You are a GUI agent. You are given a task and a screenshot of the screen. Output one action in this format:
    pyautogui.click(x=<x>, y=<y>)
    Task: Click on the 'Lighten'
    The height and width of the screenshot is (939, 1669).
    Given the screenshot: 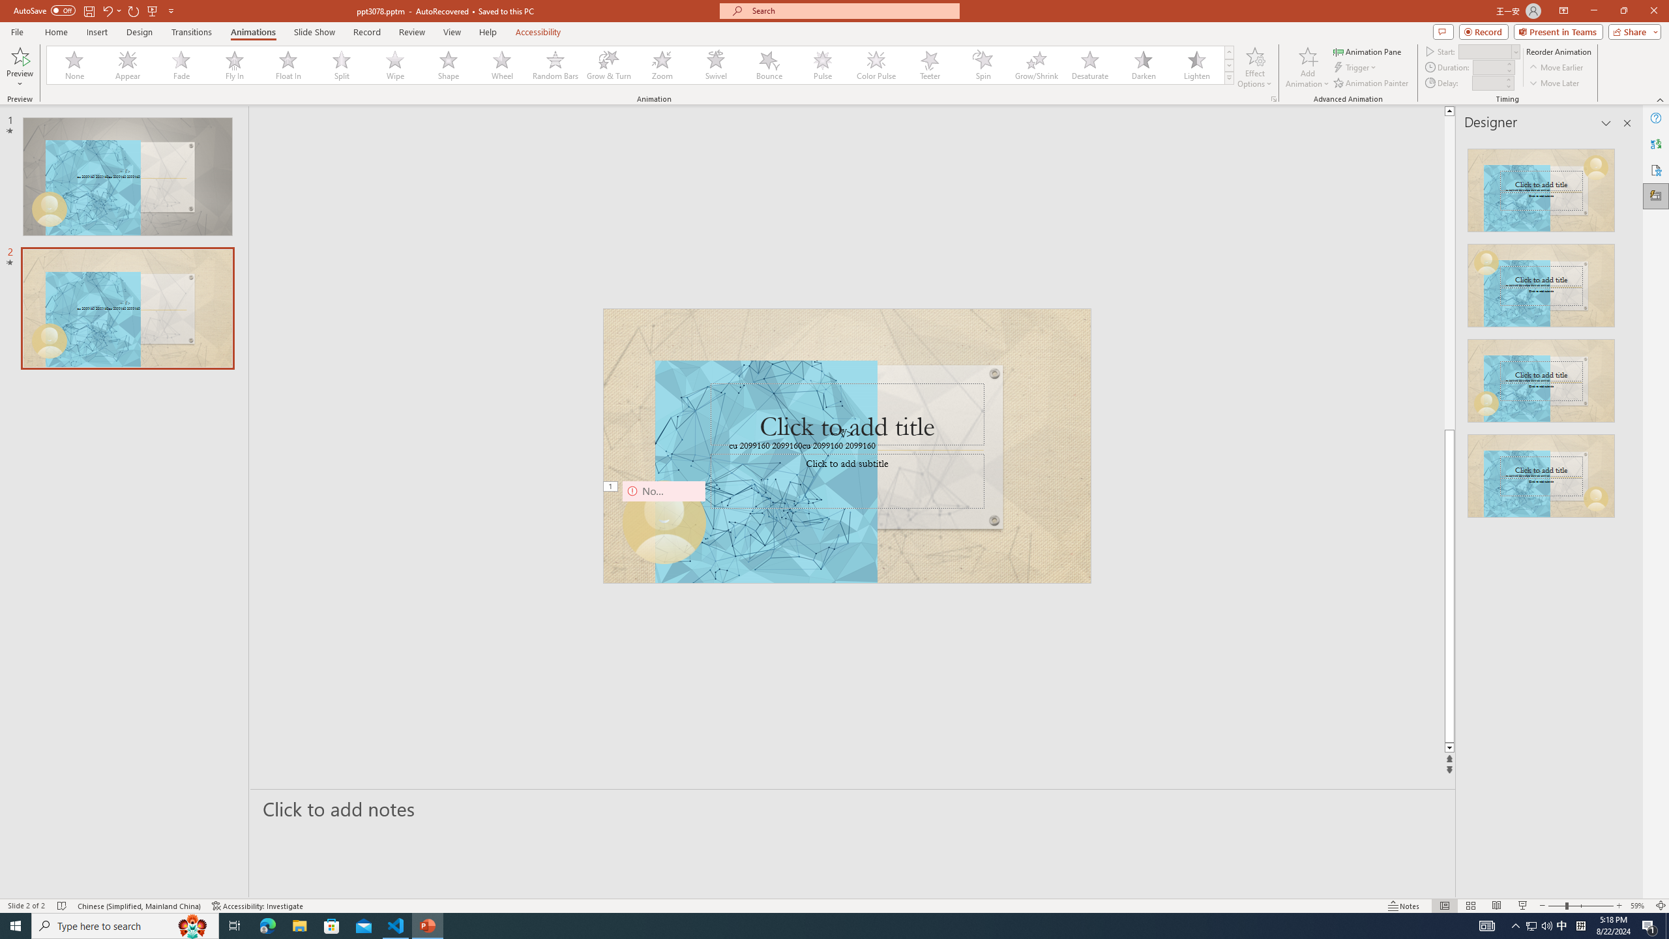 What is the action you would take?
    pyautogui.click(x=1196, y=65)
    